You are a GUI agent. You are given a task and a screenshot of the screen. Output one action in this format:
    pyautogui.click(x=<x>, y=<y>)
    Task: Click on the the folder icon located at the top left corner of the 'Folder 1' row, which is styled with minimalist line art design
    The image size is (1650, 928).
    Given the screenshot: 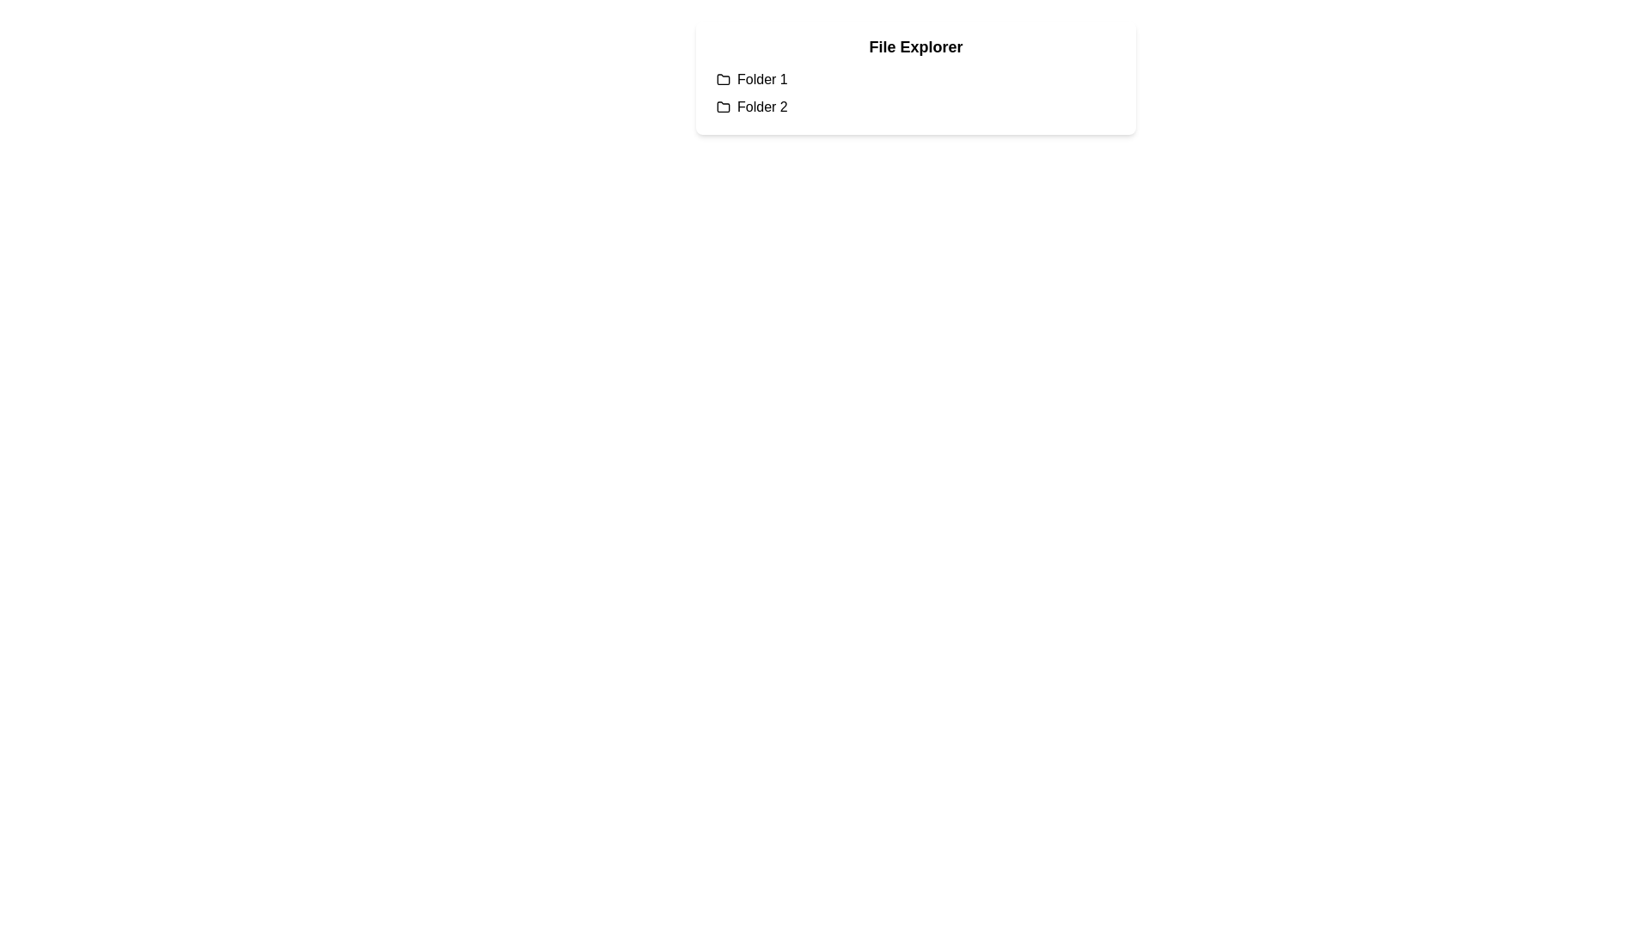 What is the action you would take?
    pyautogui.click(x=723, y=79)
    